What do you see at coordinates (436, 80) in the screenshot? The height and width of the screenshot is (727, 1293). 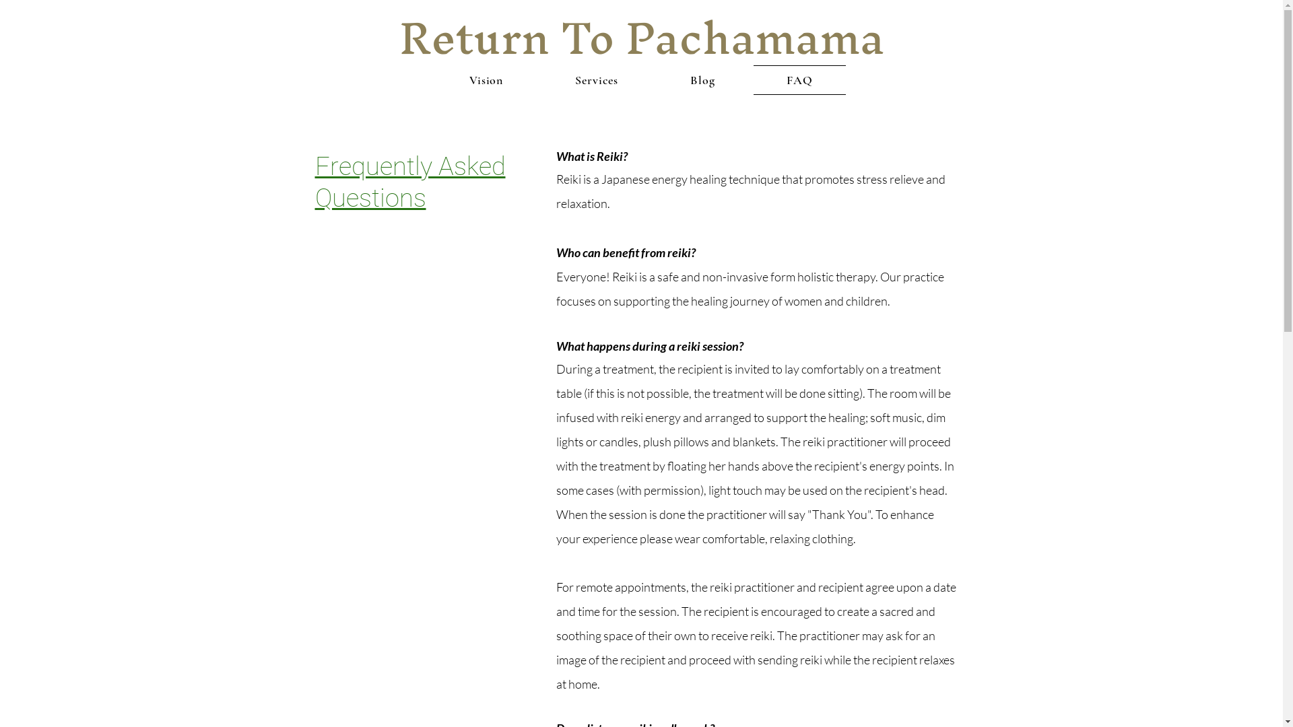 I see `'Vision'` at bounding box center [436, 80].